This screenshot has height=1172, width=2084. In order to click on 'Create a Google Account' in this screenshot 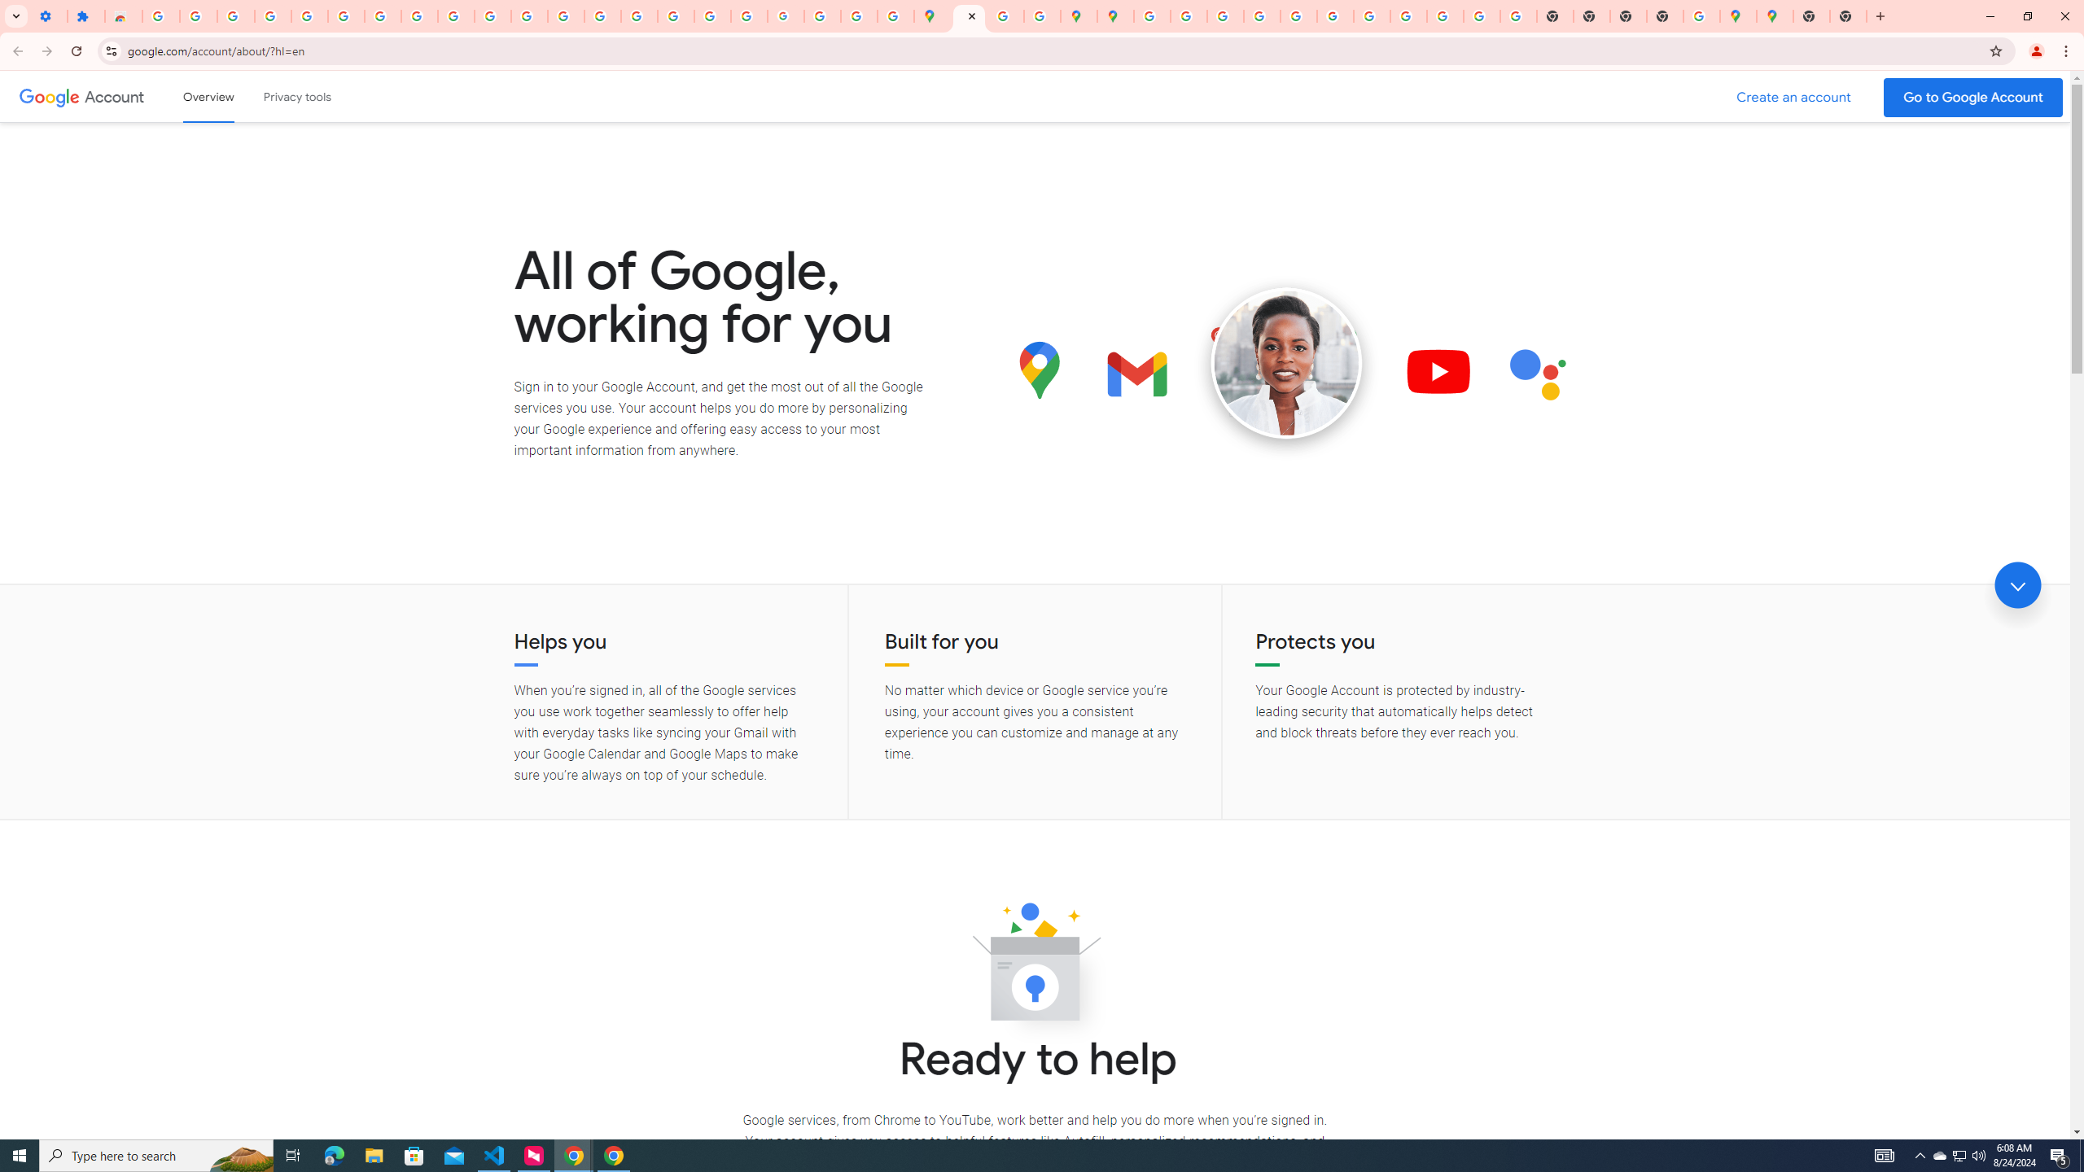, I will do `click(1794, 97)`.